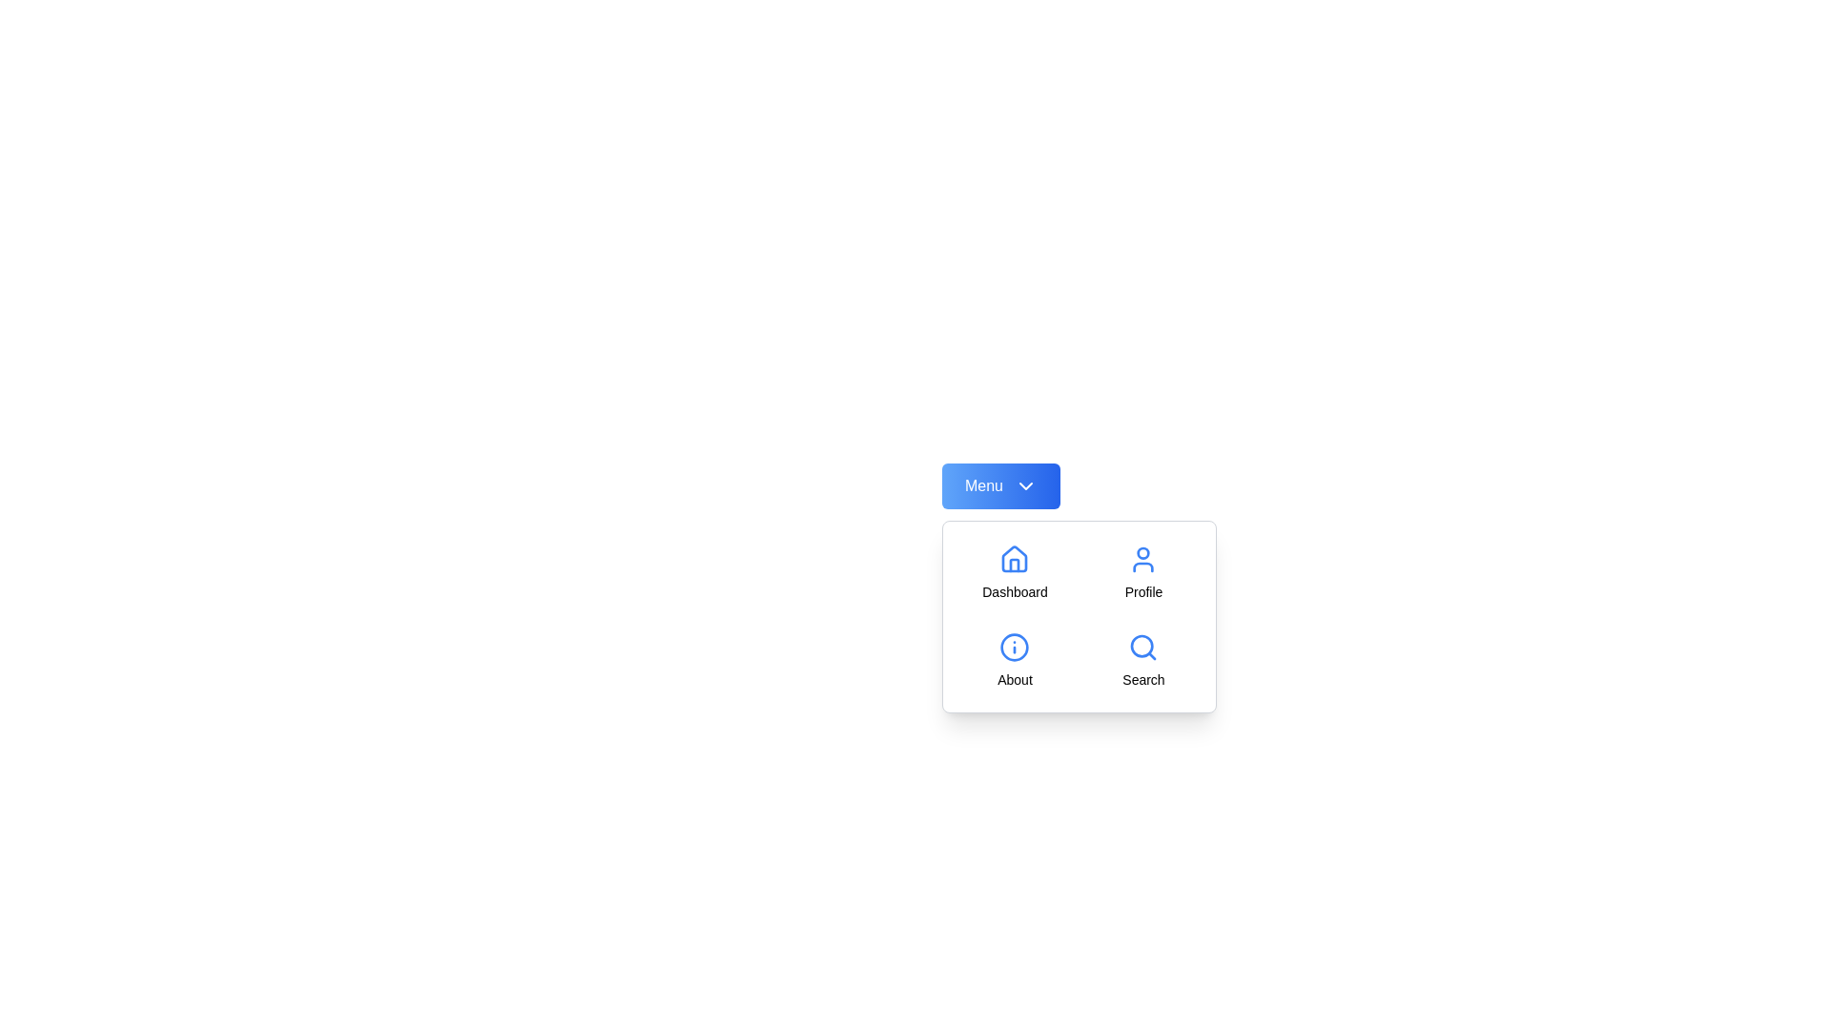  I want to click on the 'Menu' button to toggle the menu visibility, so click(1000, 484).